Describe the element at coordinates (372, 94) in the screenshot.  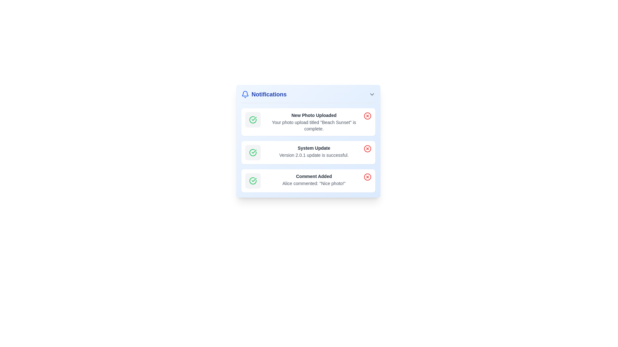
I see `the icon button located in the 'Notifications' section` at that location.